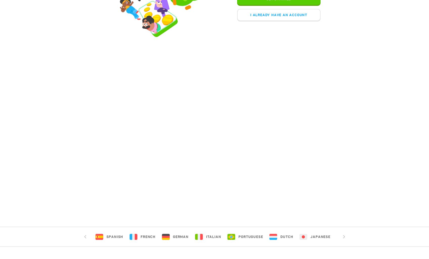  I want to click on 'Italian', so click(213, 236).